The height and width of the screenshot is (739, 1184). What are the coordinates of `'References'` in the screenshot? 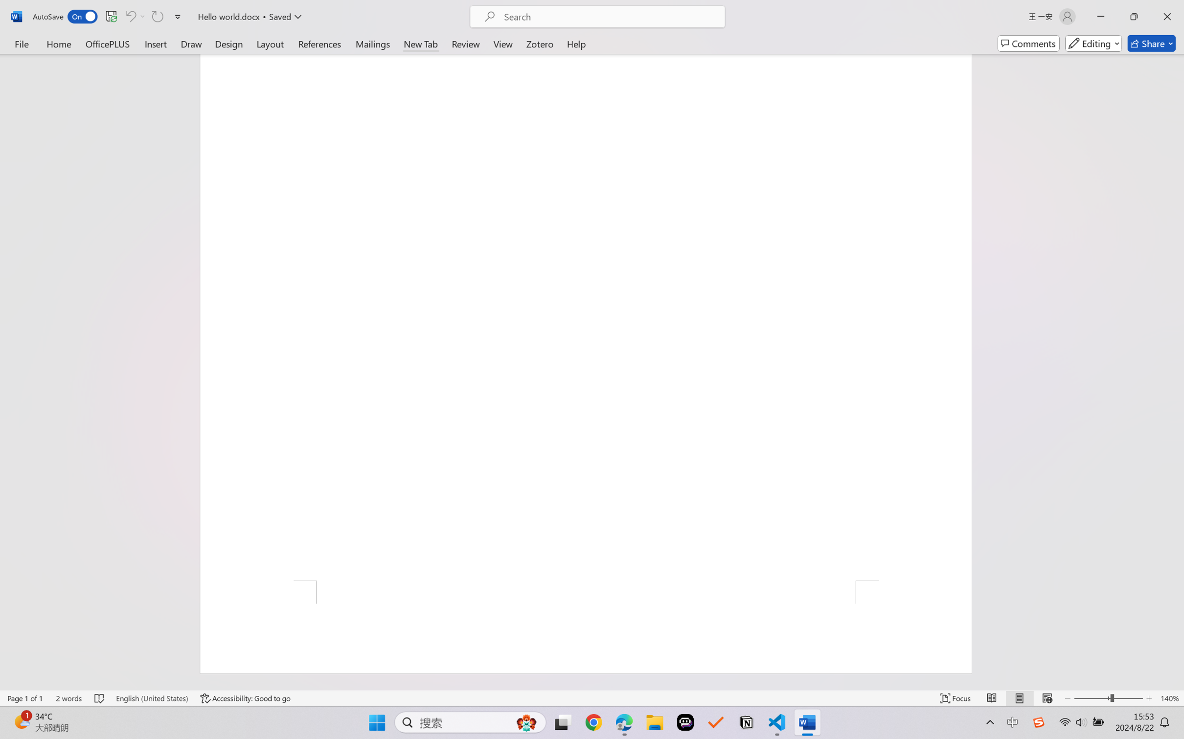 It's located at (319, 43).